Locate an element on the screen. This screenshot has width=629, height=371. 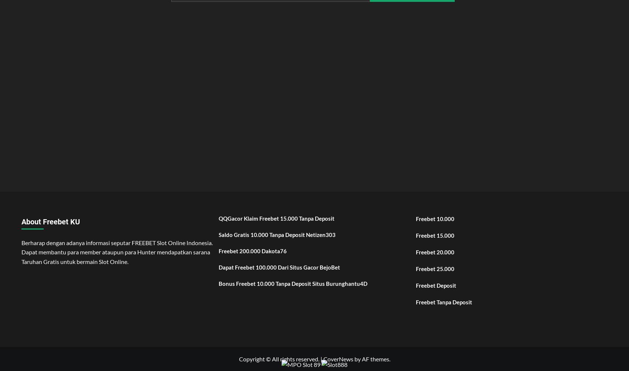
'Freebet 10.000' is located at coordinates (416, 218).